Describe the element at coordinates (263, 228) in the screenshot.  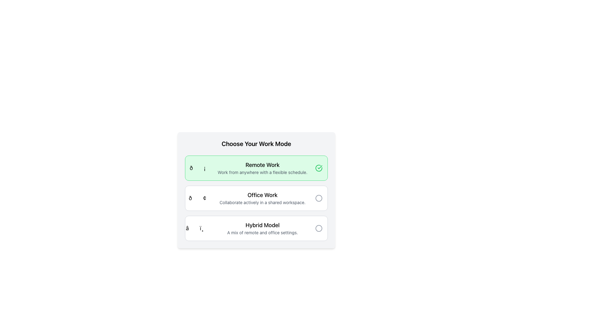
I see `text element titled 'Hybrid Model' which is the third option in the vertical list of work modes, located below 'Office Work'` at that location.